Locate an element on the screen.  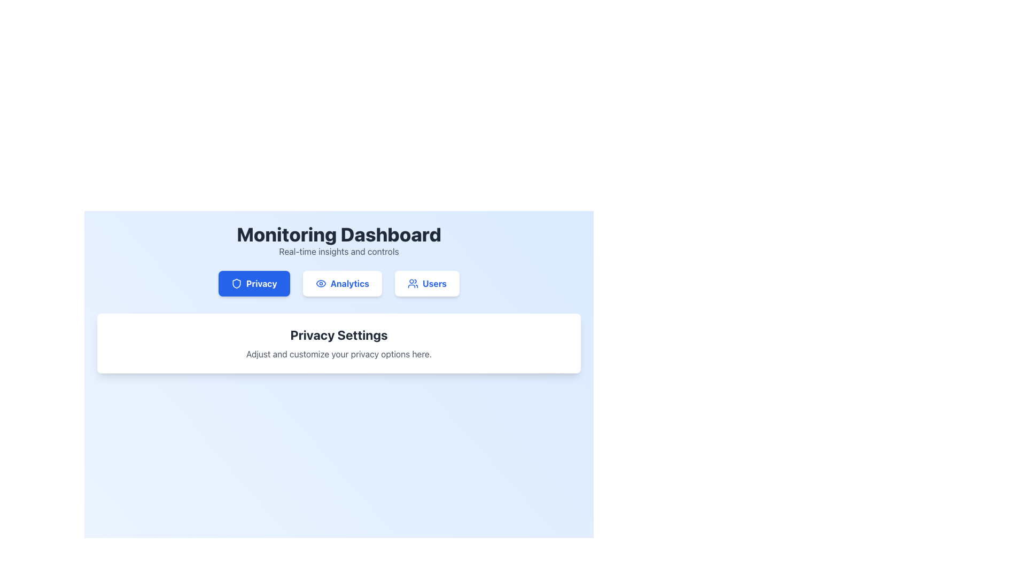
the shield icon with a blue outline and white background located on the left side of the 'Privacy' button in the header section of the page is located at coordinates (236, 283).